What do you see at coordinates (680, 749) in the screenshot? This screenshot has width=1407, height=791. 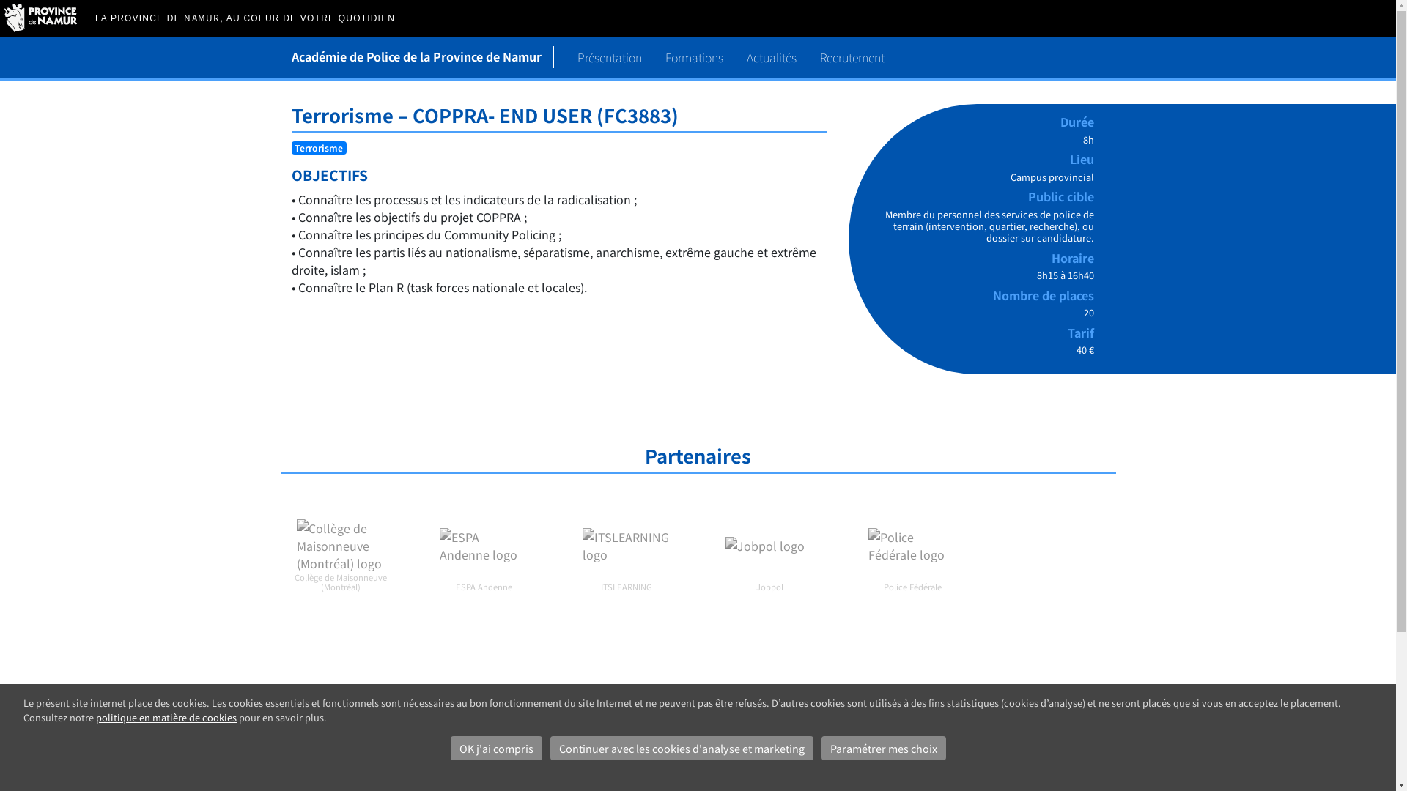 I see `'Continuer avec les cookies d'analyse et marketing'` at bounding box center [680, 749].